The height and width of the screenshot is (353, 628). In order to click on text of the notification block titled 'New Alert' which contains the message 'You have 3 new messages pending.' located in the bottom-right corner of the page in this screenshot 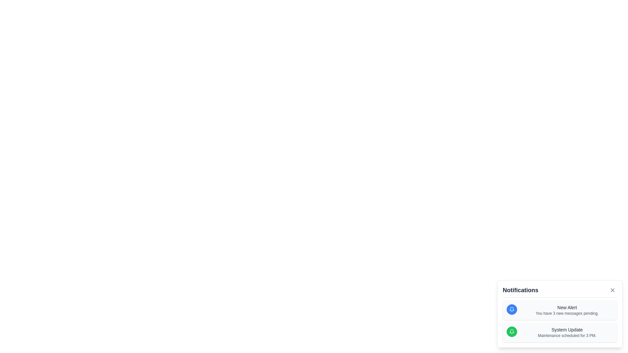, I will do `click(567, 310)`.